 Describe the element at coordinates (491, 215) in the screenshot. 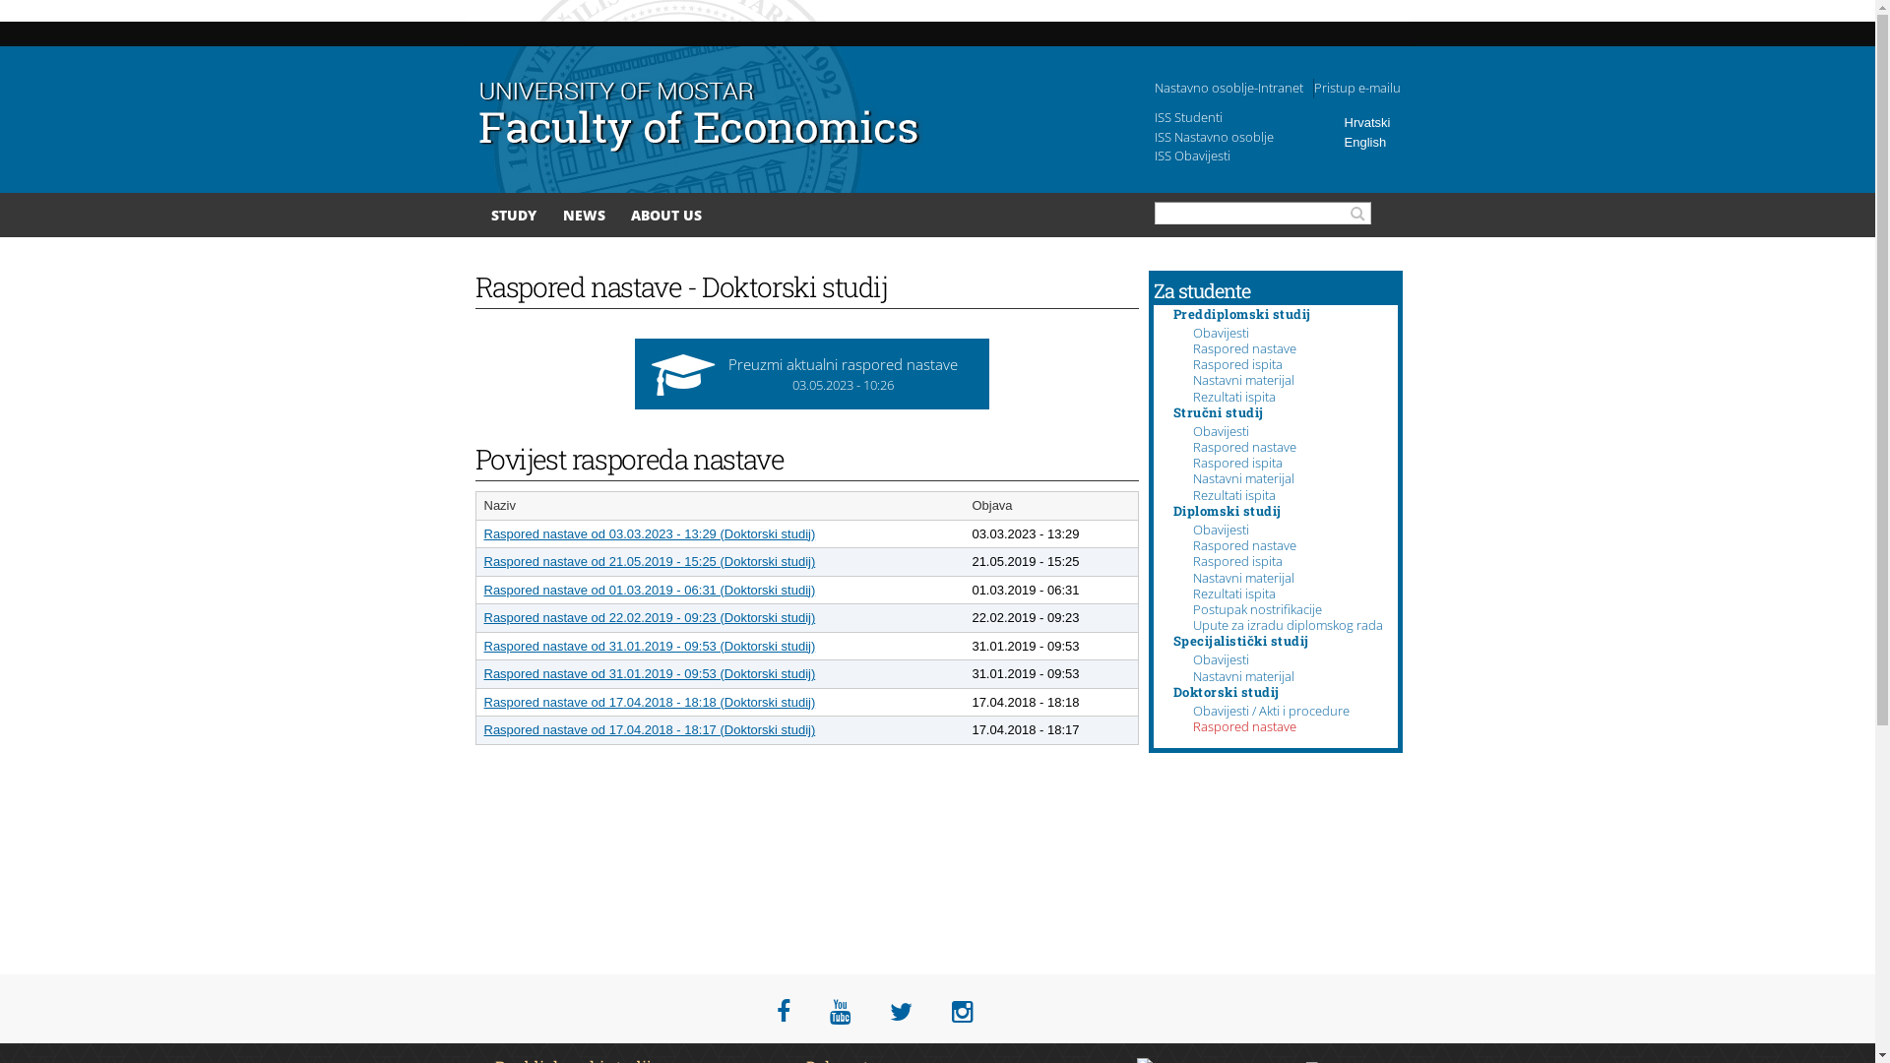

I see `'STUDY'` at that location.